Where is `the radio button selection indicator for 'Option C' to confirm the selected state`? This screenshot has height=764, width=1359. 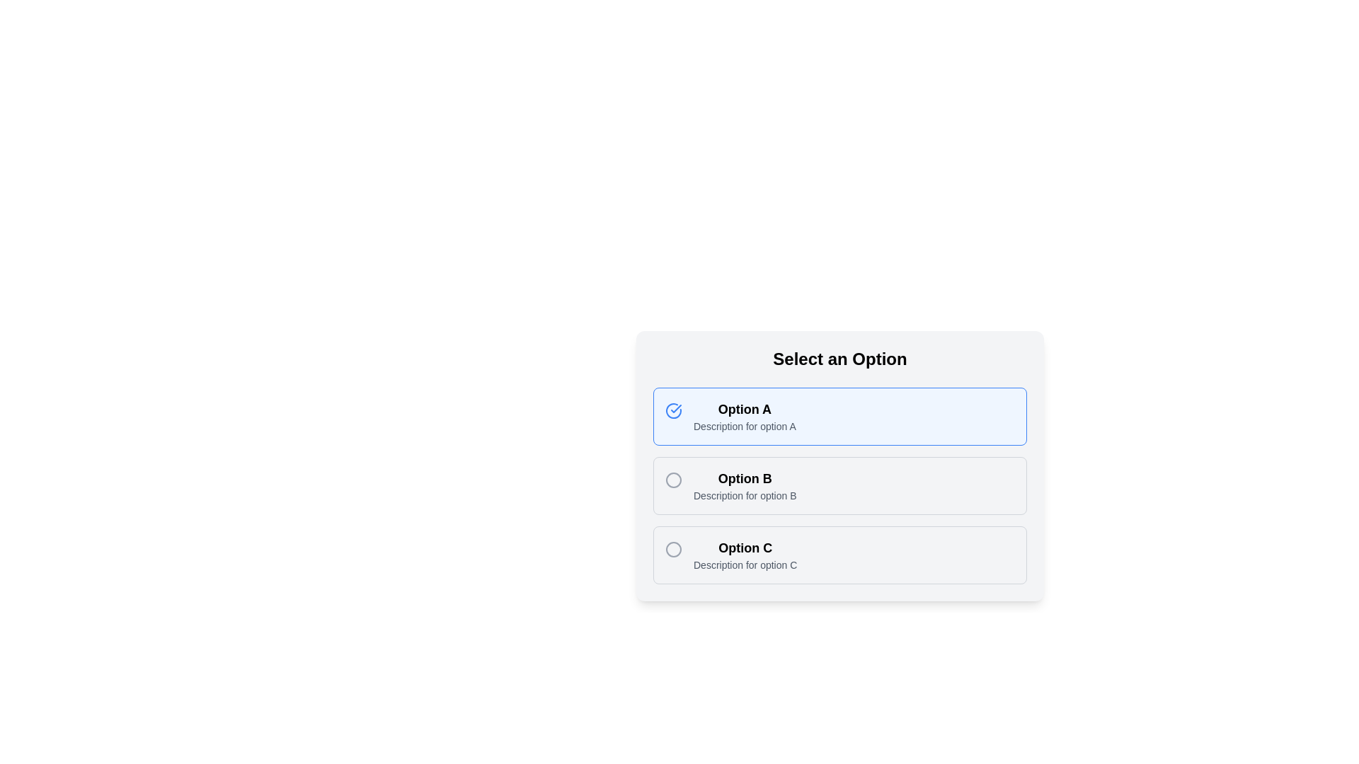 the radio button selection indicator for 'Option C' to confirm the selected state is located at coordinates (672, 548).